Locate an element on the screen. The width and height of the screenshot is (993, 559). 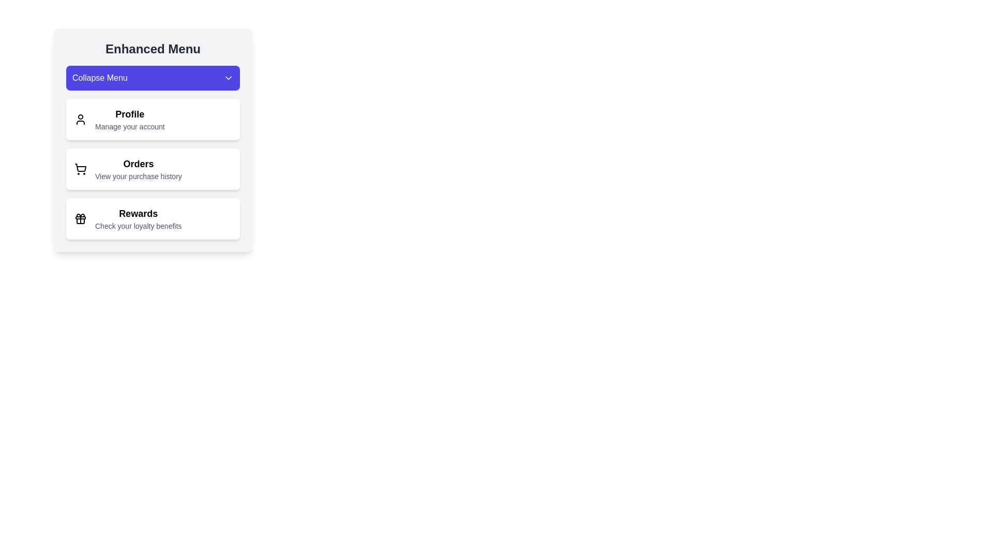
the 'Orders' icon, which is the second item in the 'Enhanced Menu' panel, located to the left of the text 'Orders' is located at coordinates (80, 169).